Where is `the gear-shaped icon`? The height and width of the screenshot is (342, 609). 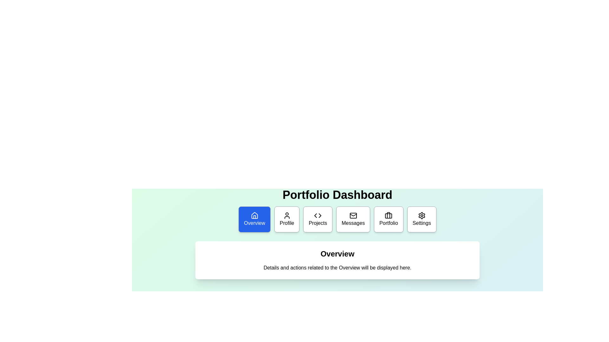
the gear-shaped icon is located at coordinates (422, 215).